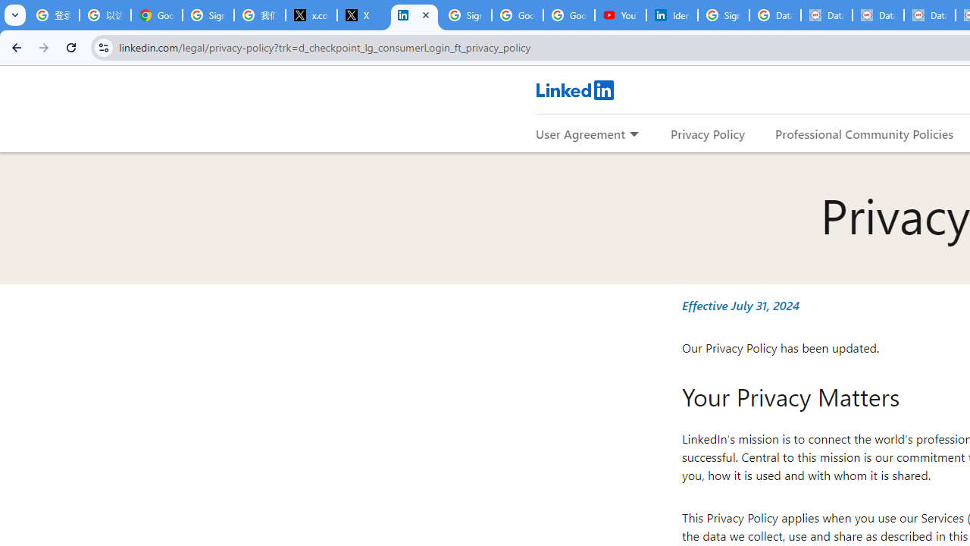 Image resolution: width=970 pixels, height=546 pixels. Describe the element at coordinates (826, 15) in the screenshot. I see `'Data Privacy Framework'` at that location.